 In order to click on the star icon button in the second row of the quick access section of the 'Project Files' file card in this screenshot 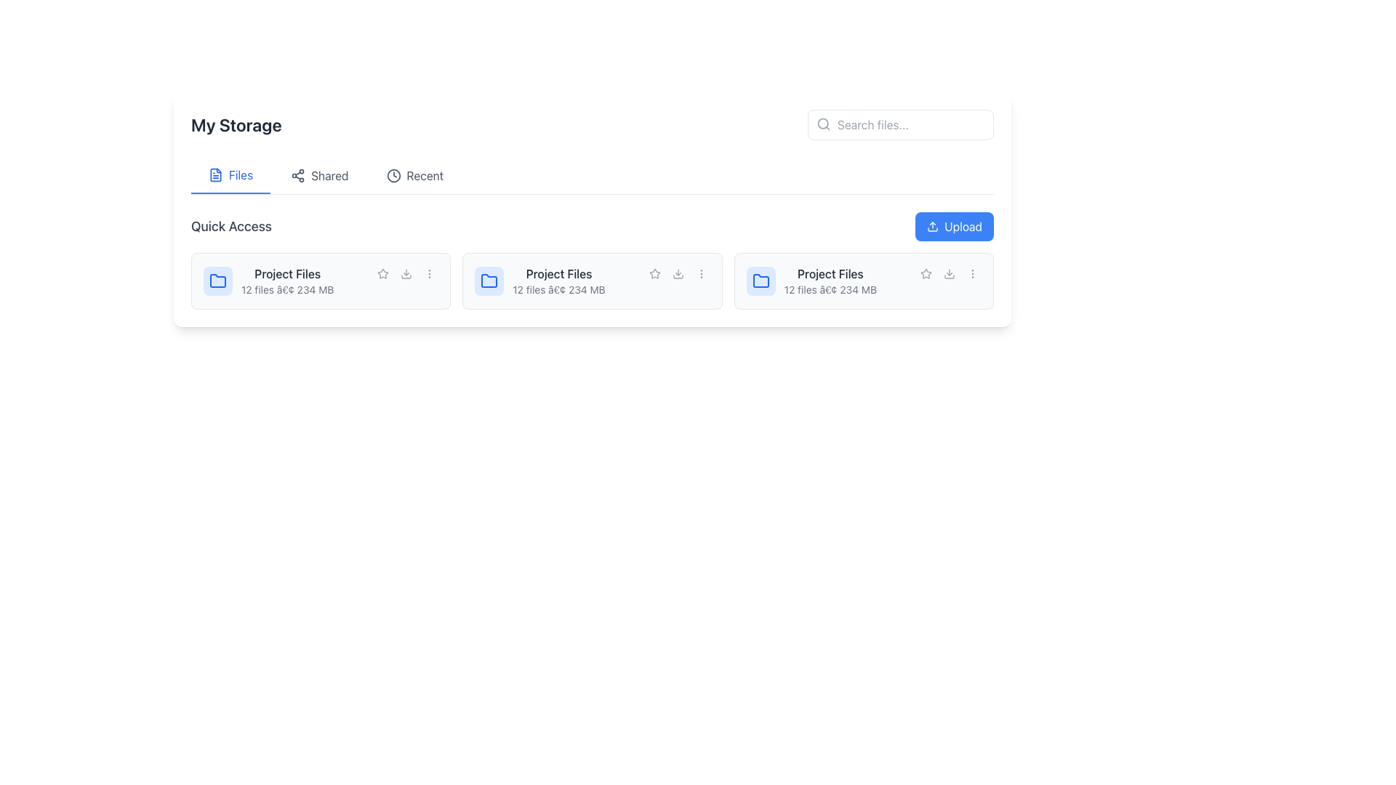, I will do `click(925, 274)`.